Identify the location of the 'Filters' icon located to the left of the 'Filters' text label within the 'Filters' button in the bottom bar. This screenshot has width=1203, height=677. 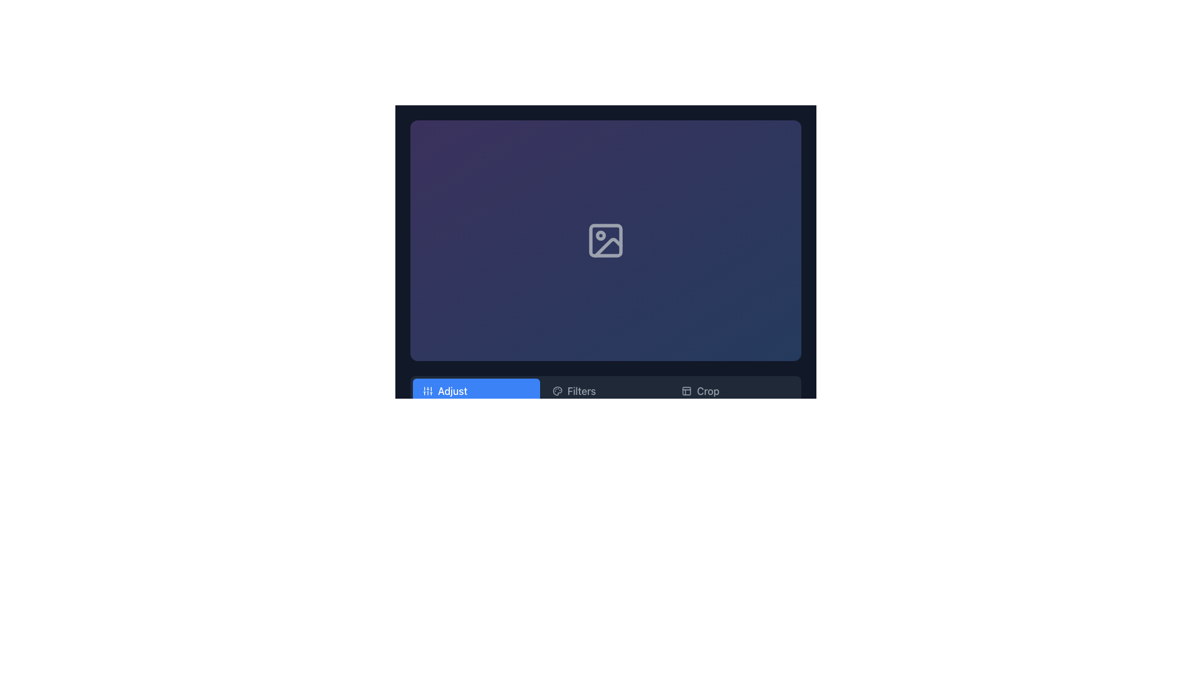
(556, 391).